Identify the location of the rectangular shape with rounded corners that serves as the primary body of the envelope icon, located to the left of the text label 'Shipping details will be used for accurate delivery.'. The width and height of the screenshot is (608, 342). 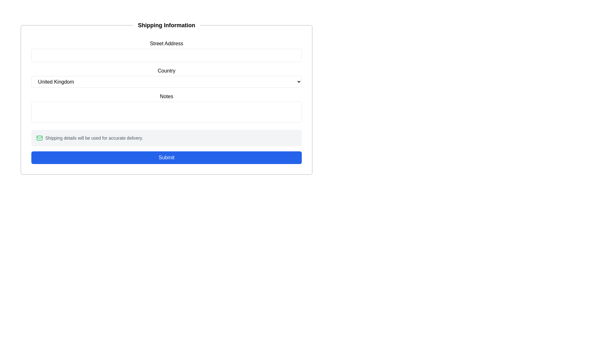
(39, 137).